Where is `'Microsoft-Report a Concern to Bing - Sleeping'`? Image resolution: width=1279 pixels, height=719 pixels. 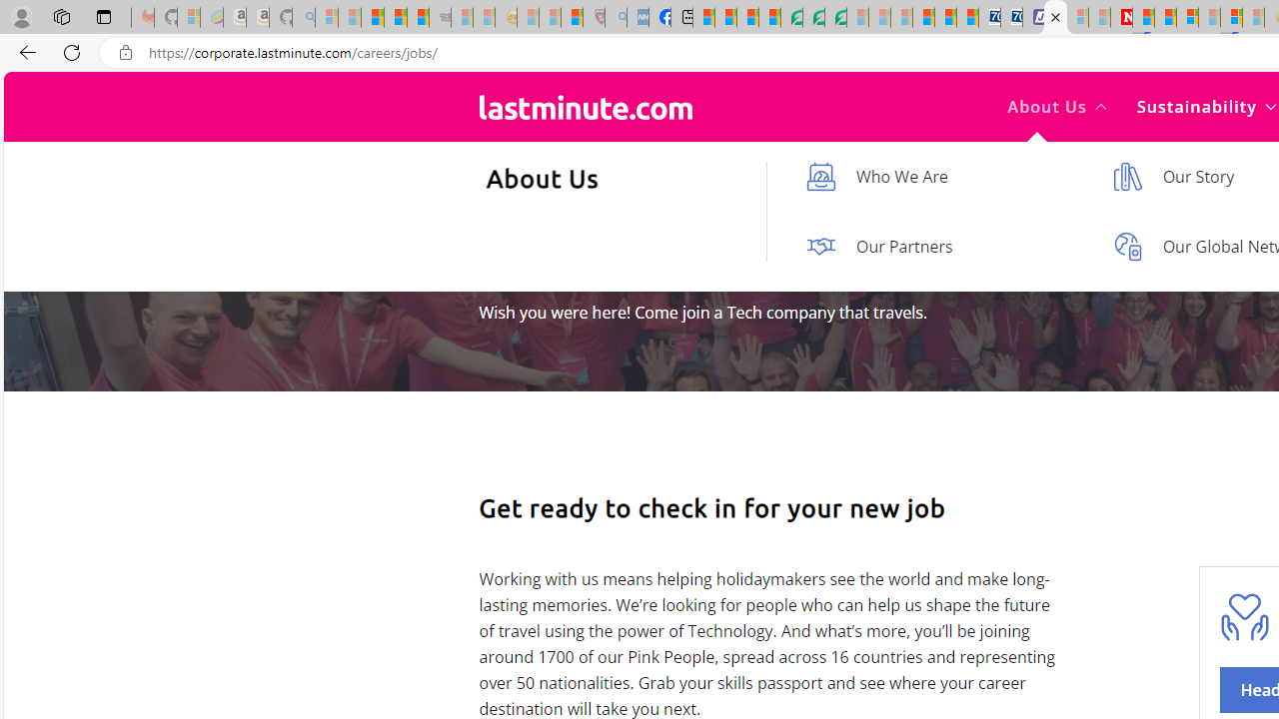
'Microsoft-Report a Concern to Bing - Sleeping' is located at coordinates (188, 17).